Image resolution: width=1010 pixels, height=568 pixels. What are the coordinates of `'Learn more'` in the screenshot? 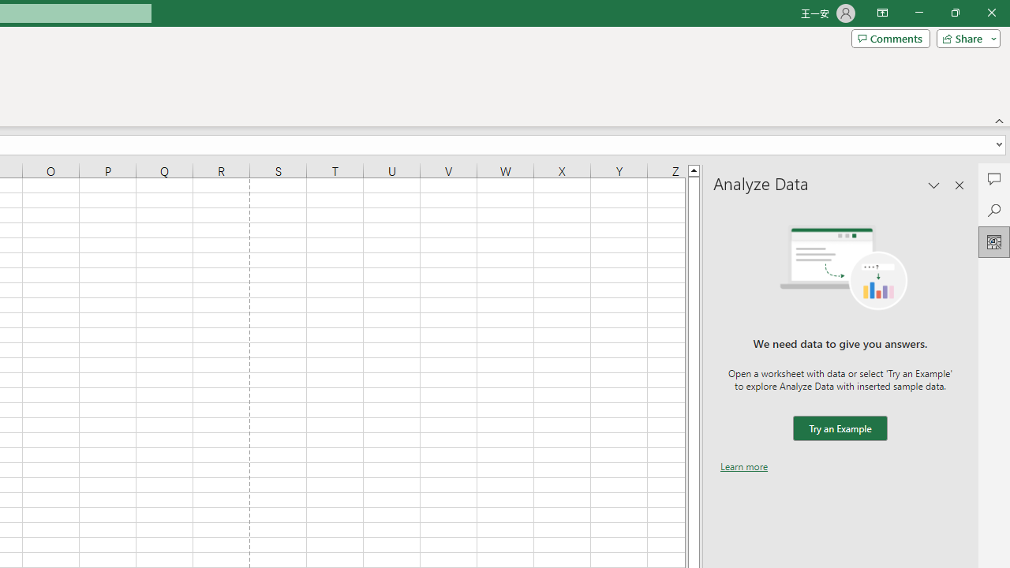 It's located at (743, 465).